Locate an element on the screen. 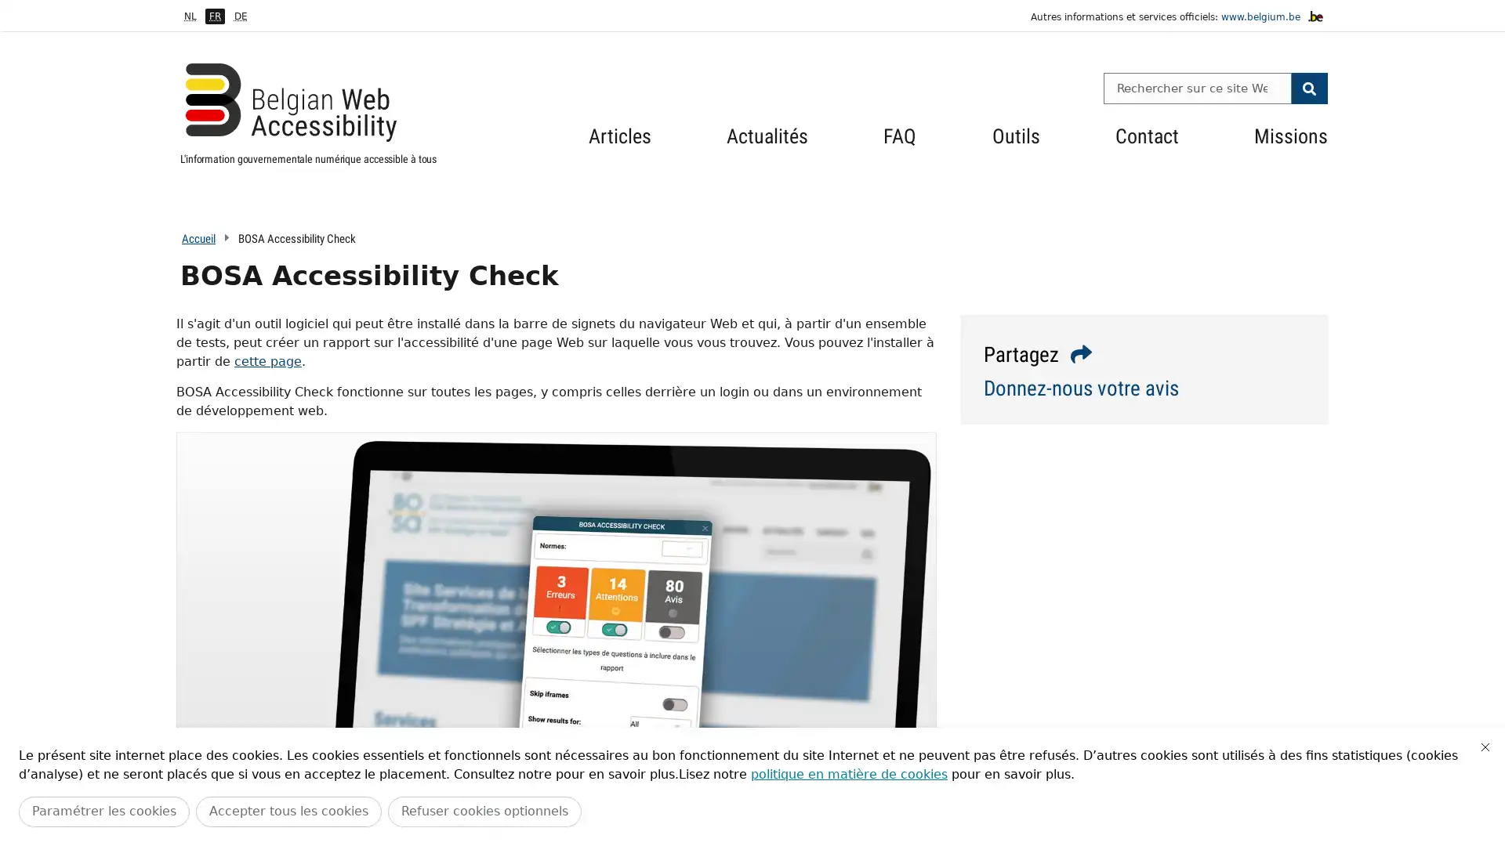 This screenshot has width=1505, height=846. Partagez is located at coordinates (1038, 349).